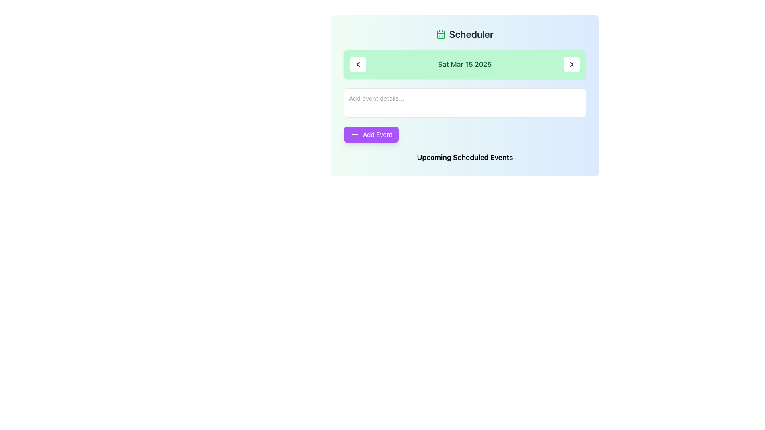 This screenshot has width=765, height=430. Describe the element at coordinates (571, 64) in the screenshot. I see `the rightmost button on the green header bar next to the date 'Sat Mar 15 2025'` at that location.